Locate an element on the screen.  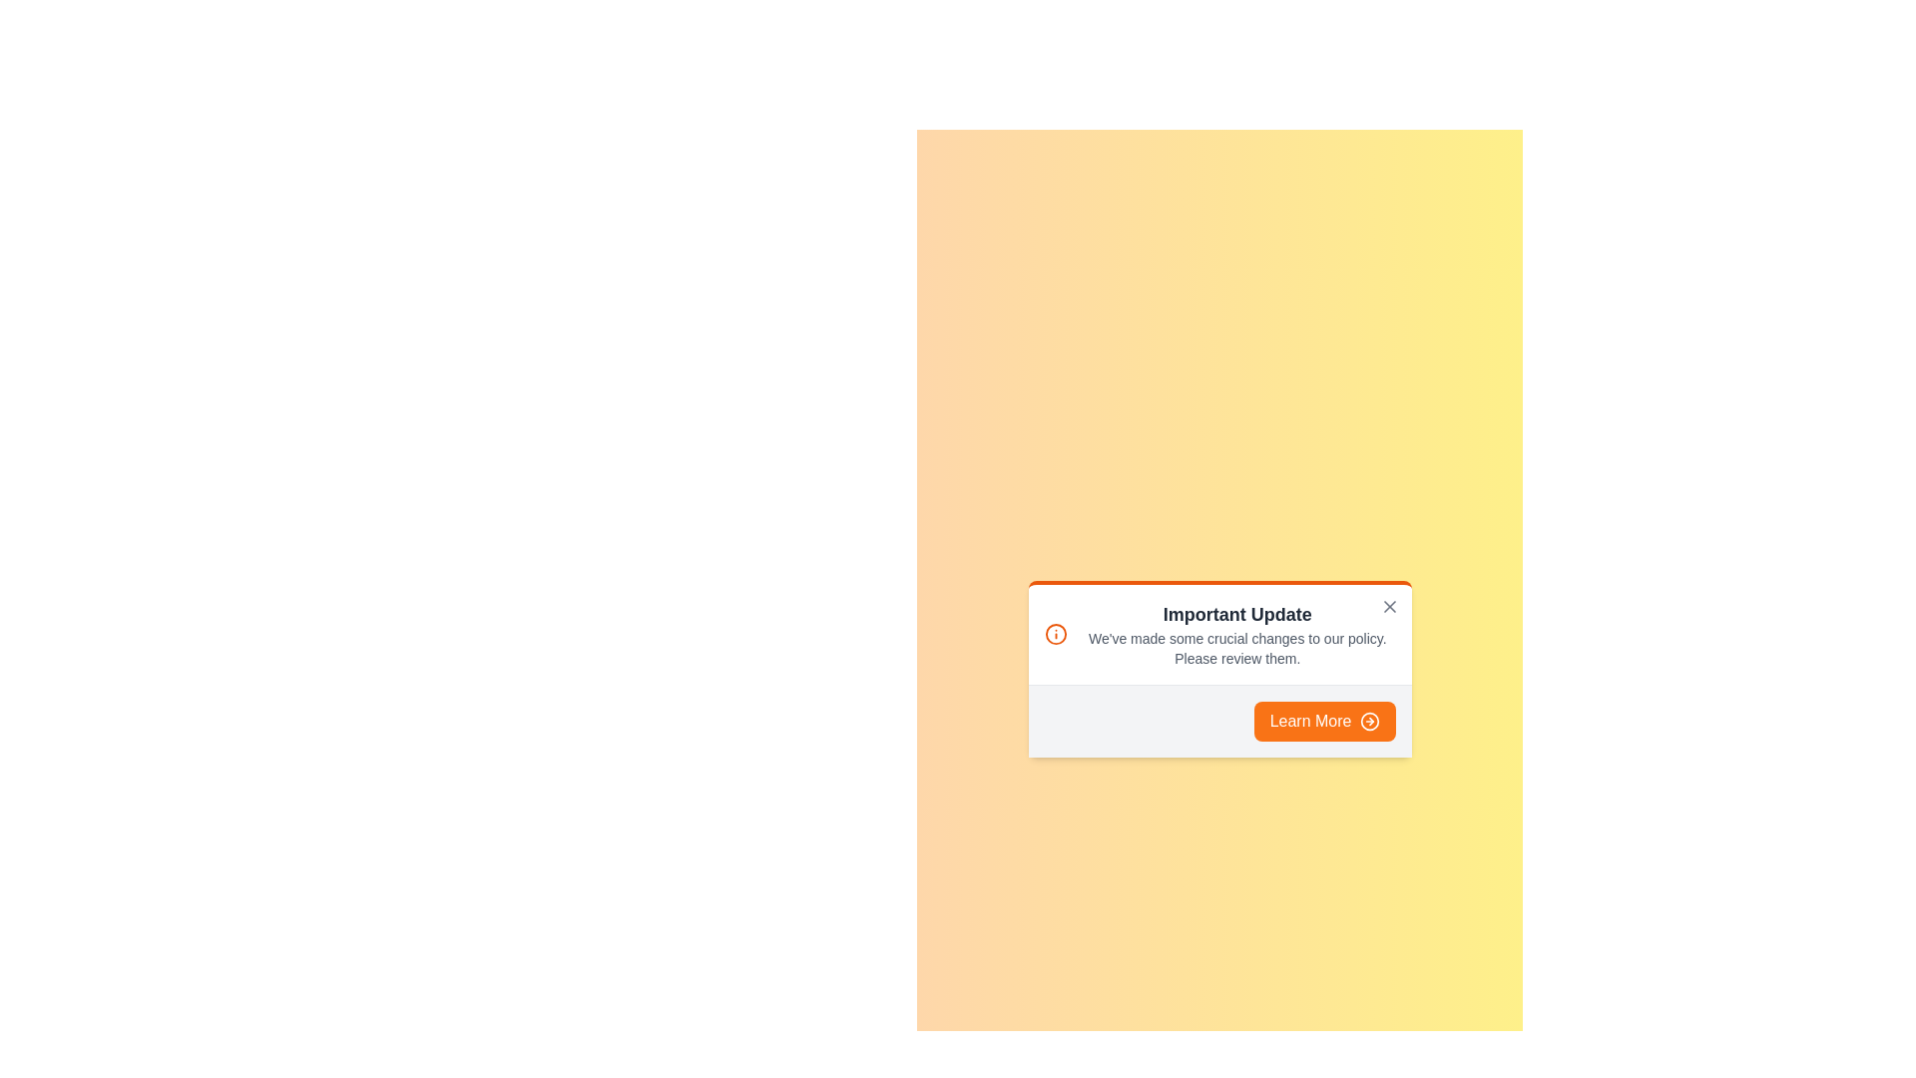
the close button to observe the hover effect is located at coordinates (1388, 605).